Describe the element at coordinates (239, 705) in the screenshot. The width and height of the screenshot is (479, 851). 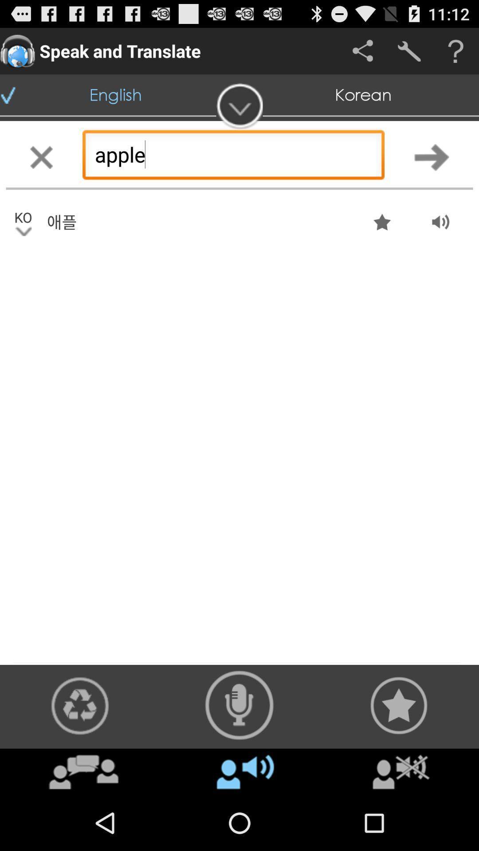
I see `audio recorder button` at that location.